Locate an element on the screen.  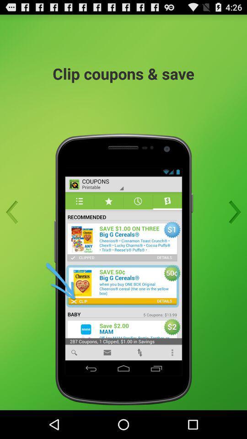
the arrow_forward icon is located at coordinates (232, 226).